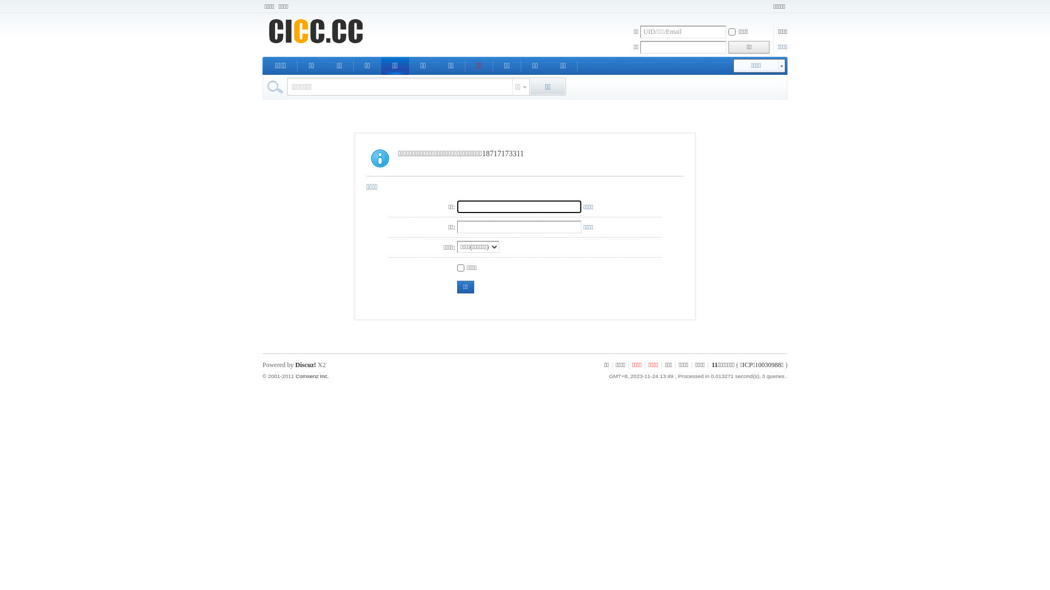  Describe the element at coordinates (295, 375) in the screenshot. I see `'Comsenz Inc.'` at that location.